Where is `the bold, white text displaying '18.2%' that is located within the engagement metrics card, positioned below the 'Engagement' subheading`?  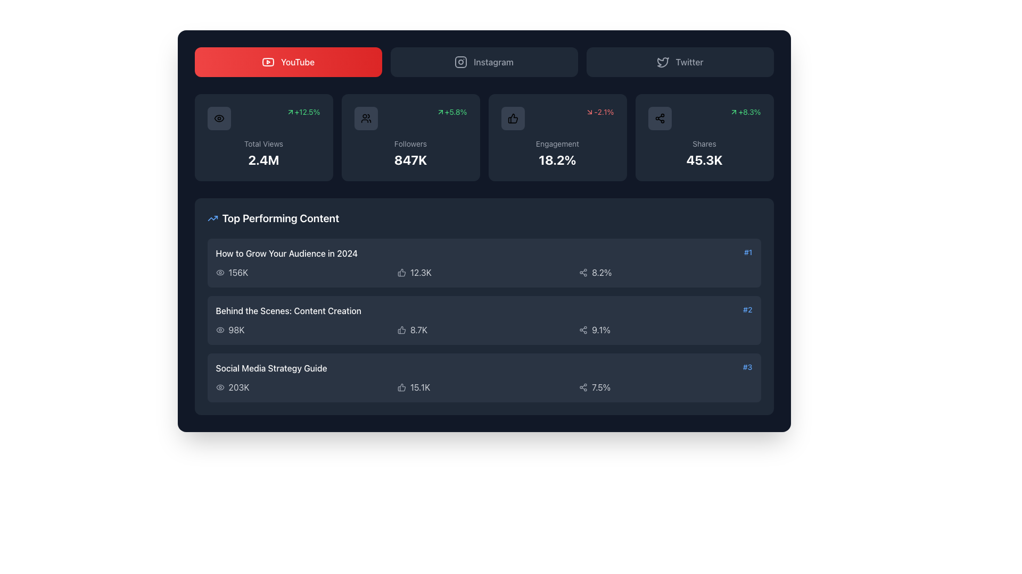 the bold, white text displaying '18.2%' that is located within the engagement metrics card, positioned below the 'Engagement' subheading is located at coordinates (557, 159).